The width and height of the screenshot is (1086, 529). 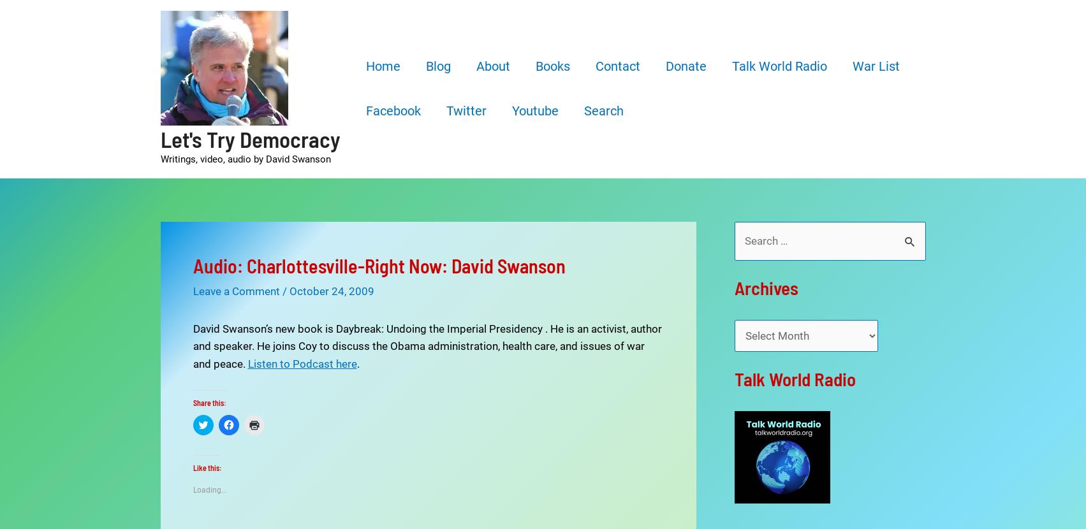 I want to click on 'Leave a Comment', so click(x=236, y=291).